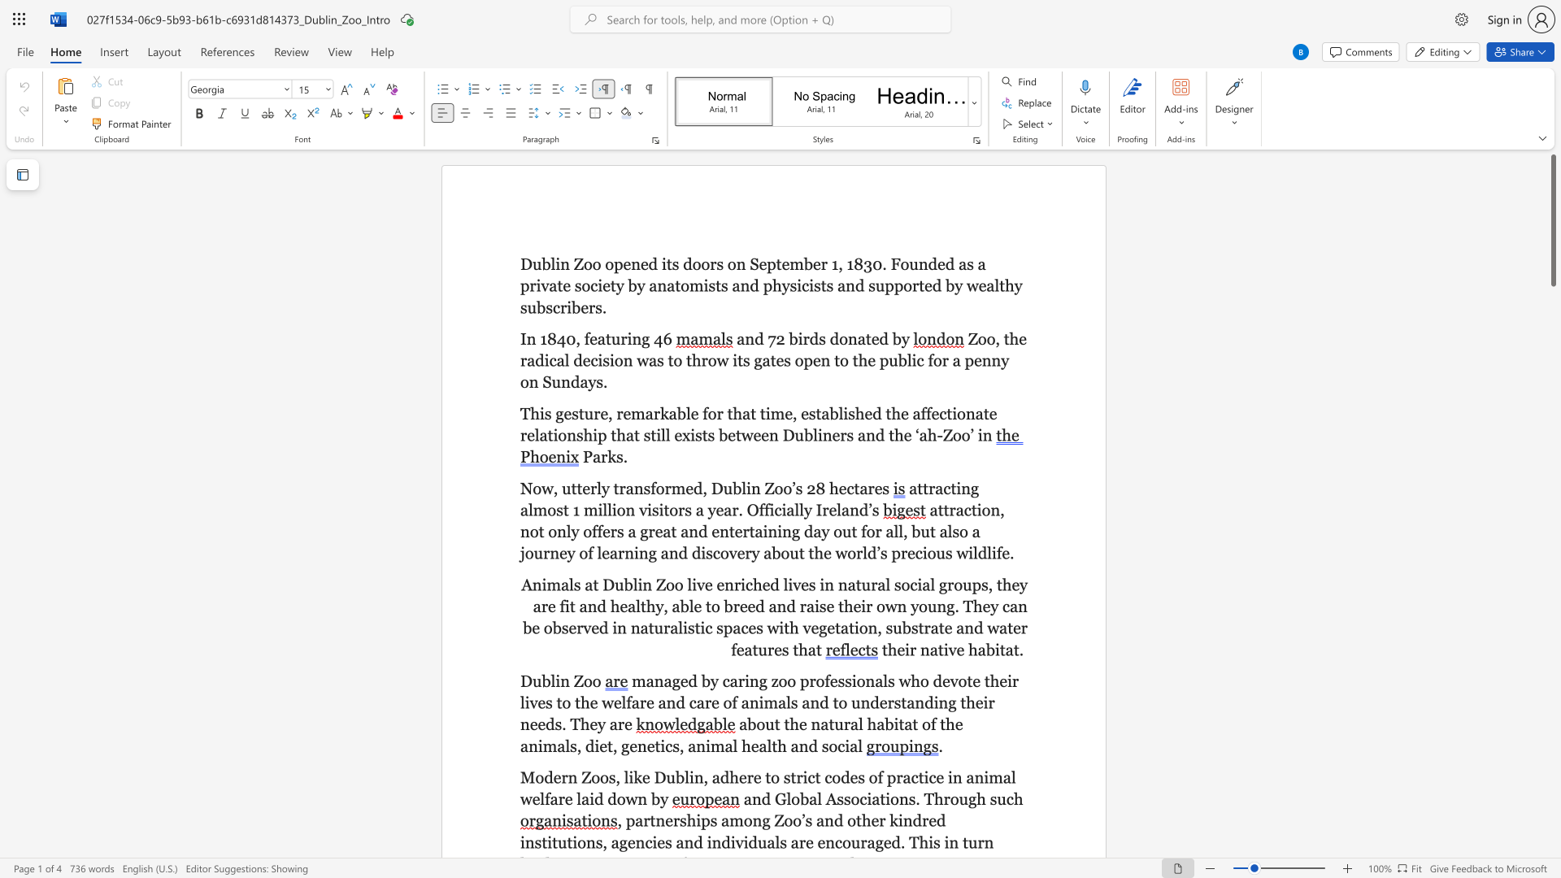  Describe the element at coordinates (534, 532) in the screenshot. I see `the 2th character "o" in the text` at that location.